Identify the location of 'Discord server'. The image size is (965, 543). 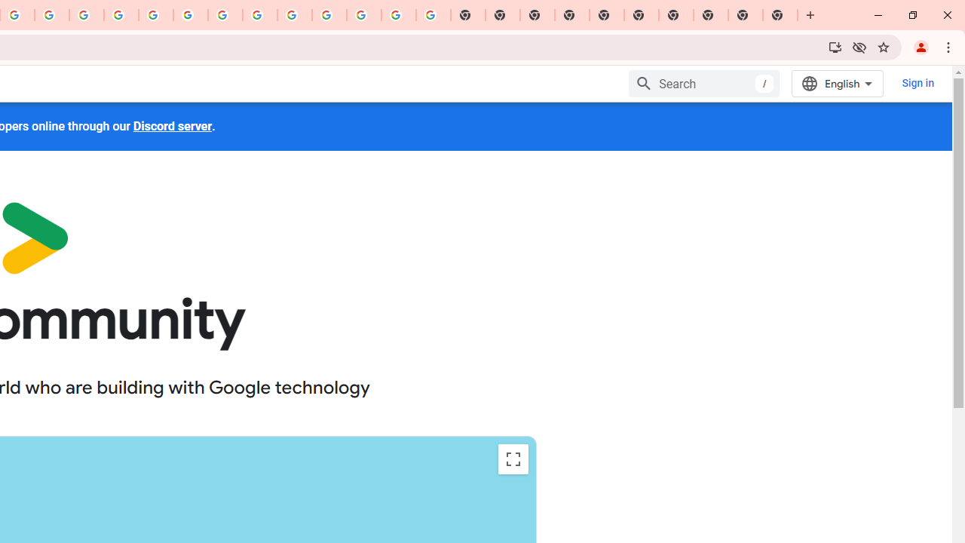
(173, 125).